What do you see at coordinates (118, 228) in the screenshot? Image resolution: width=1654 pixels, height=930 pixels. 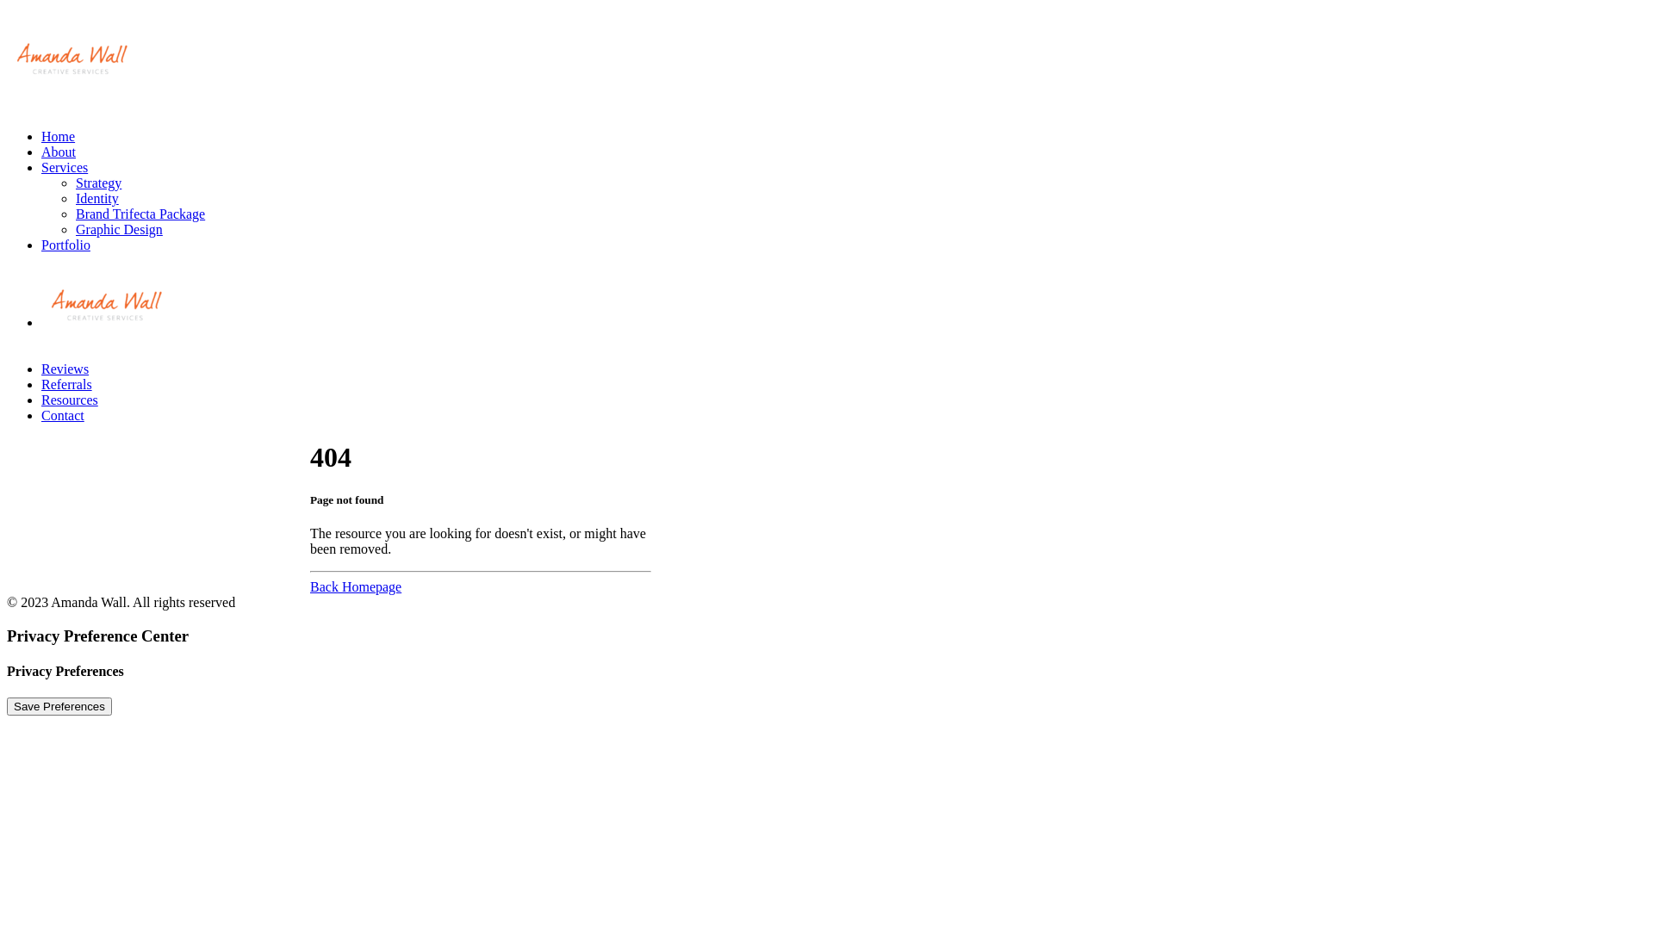 I see `'Graphic Design'` at bounding box center [118, 228].